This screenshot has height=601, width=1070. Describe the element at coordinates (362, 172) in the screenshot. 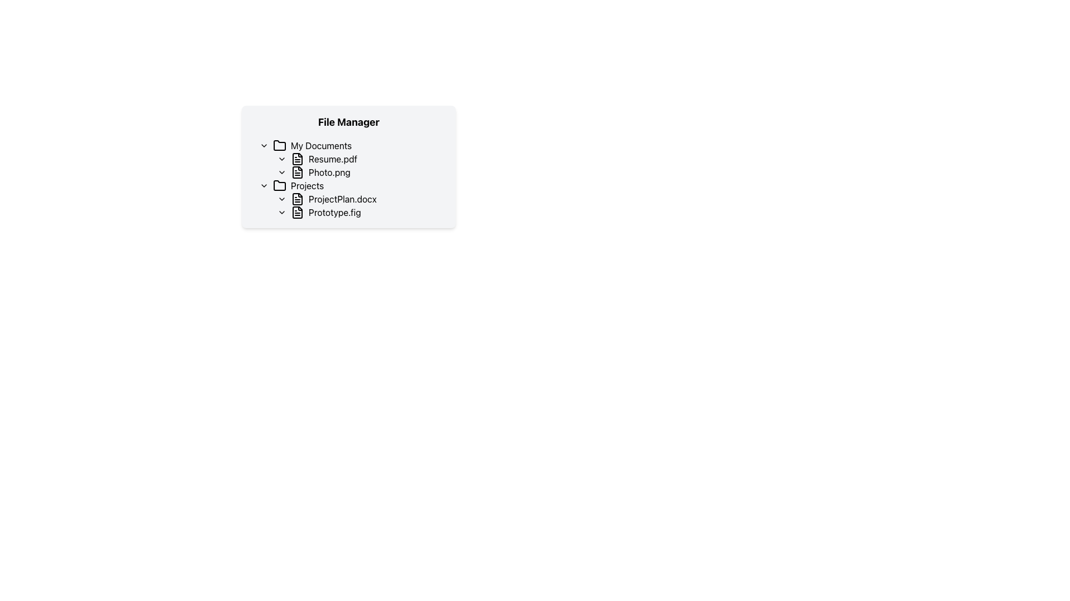

I see `the file entry named 'Photo.png' located under the 'My Documents' folder` at that location.